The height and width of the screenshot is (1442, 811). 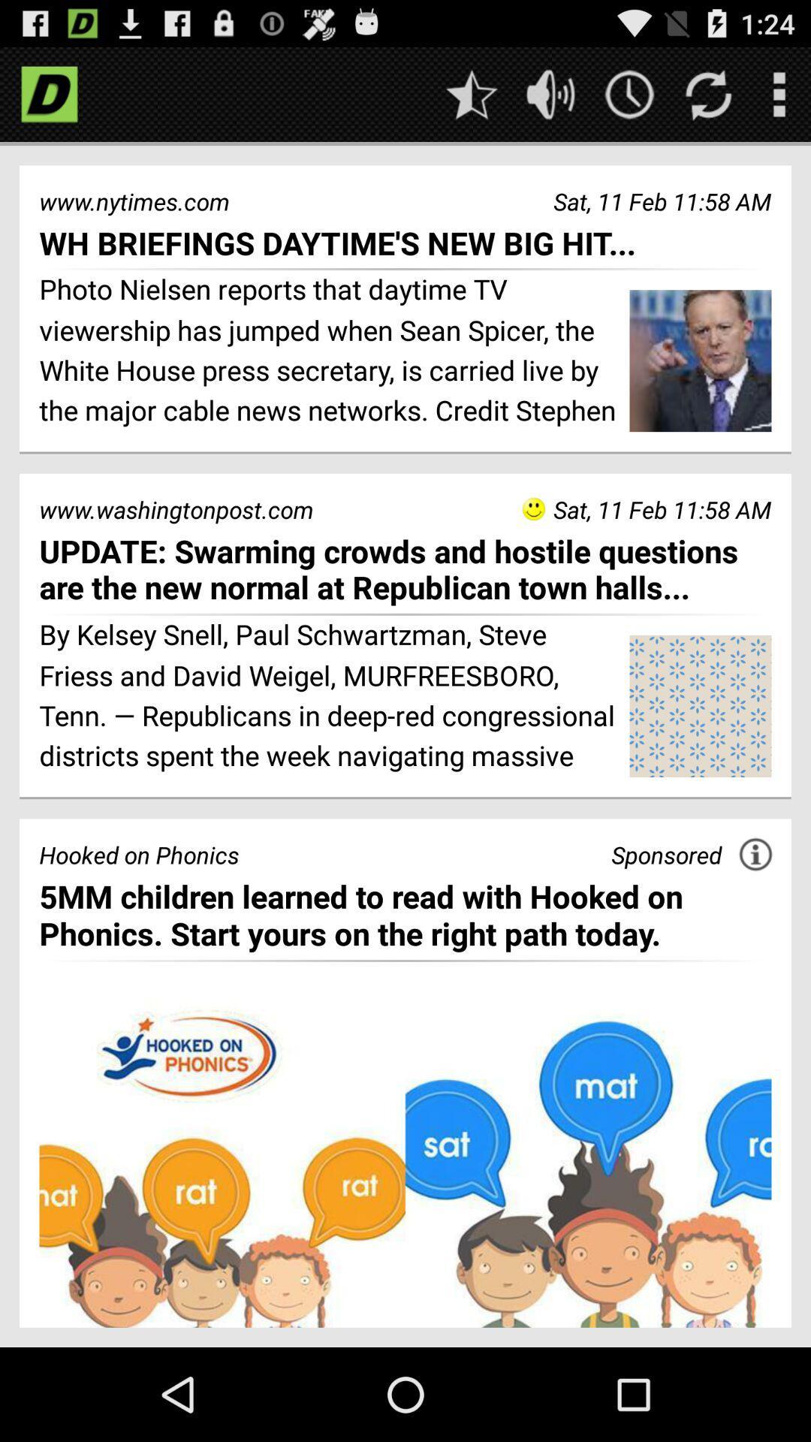 I want to click on photo nielsen reports, so click(x=328, y=351).